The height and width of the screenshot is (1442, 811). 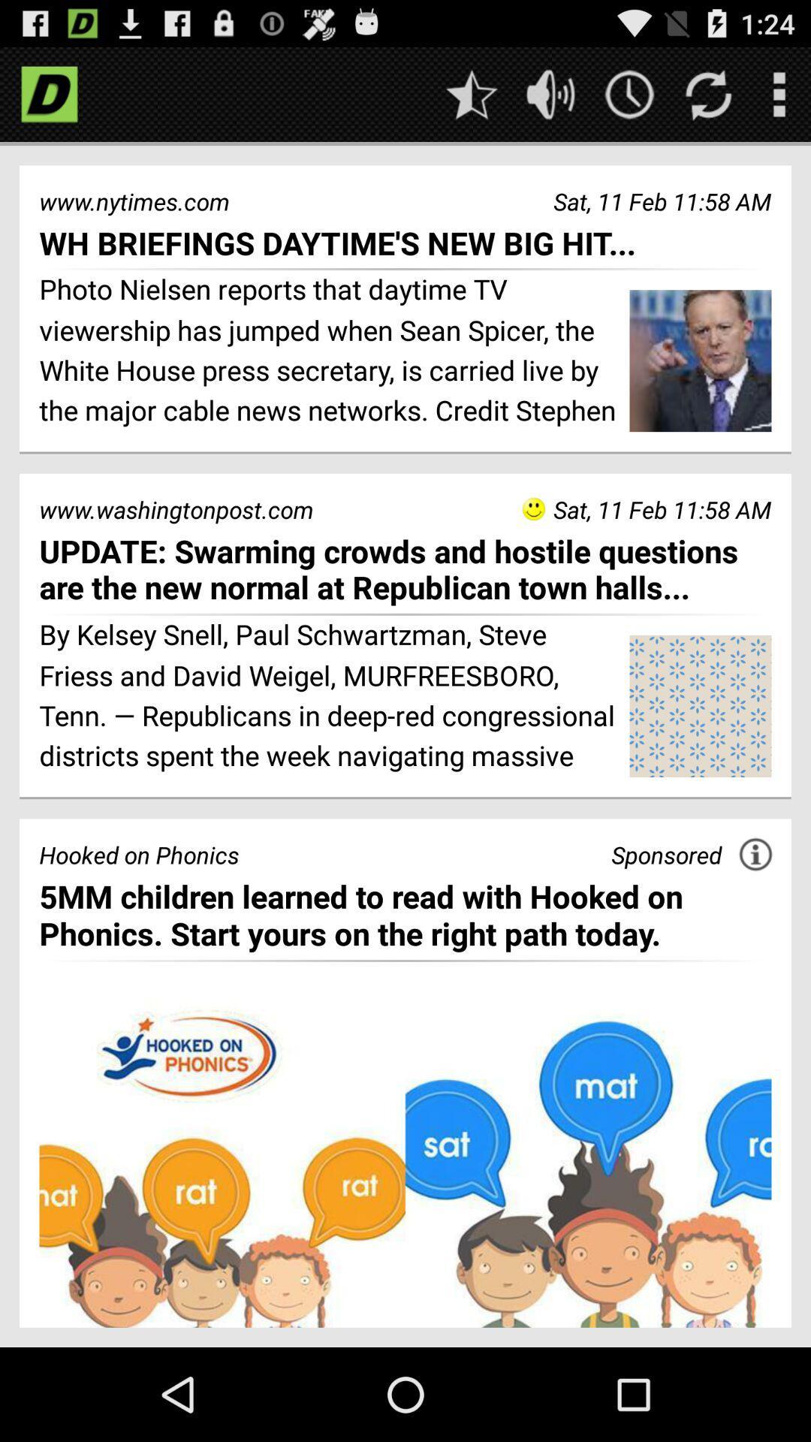 I want to click on photo nielsen reports, so click(x=328, y=351).